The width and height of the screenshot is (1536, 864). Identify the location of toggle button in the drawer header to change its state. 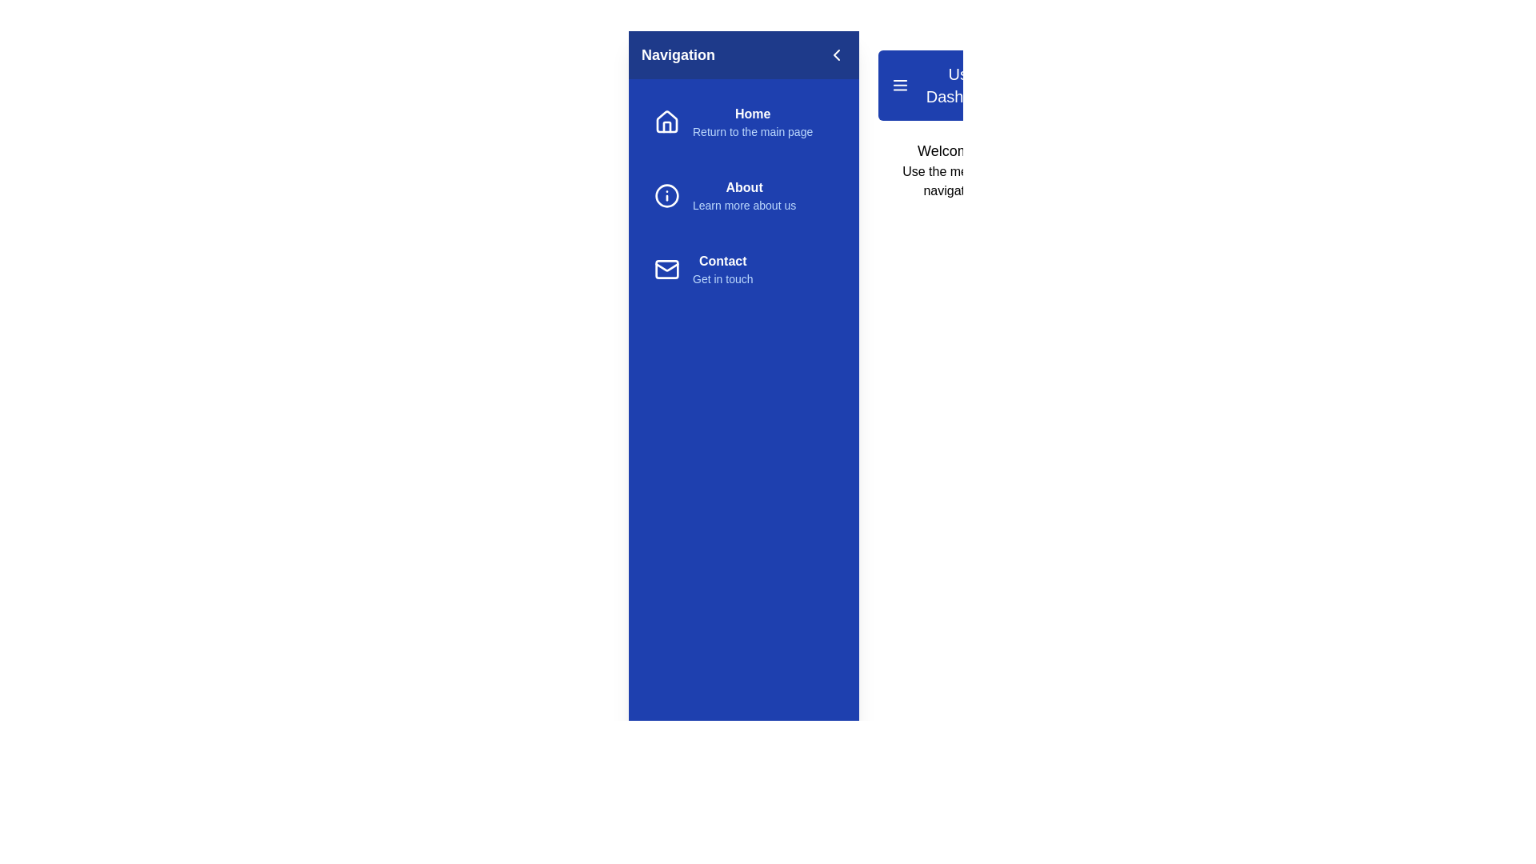
(836, 54).